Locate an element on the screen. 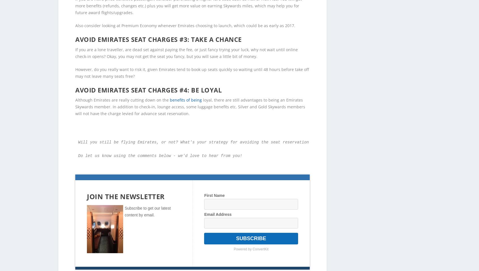  'However, do you really want to risk it, given Emirates tend to book up seats quickly so waiting until 48 hours before take off may not leave many seats free?' is located at coordinates (192, 63).